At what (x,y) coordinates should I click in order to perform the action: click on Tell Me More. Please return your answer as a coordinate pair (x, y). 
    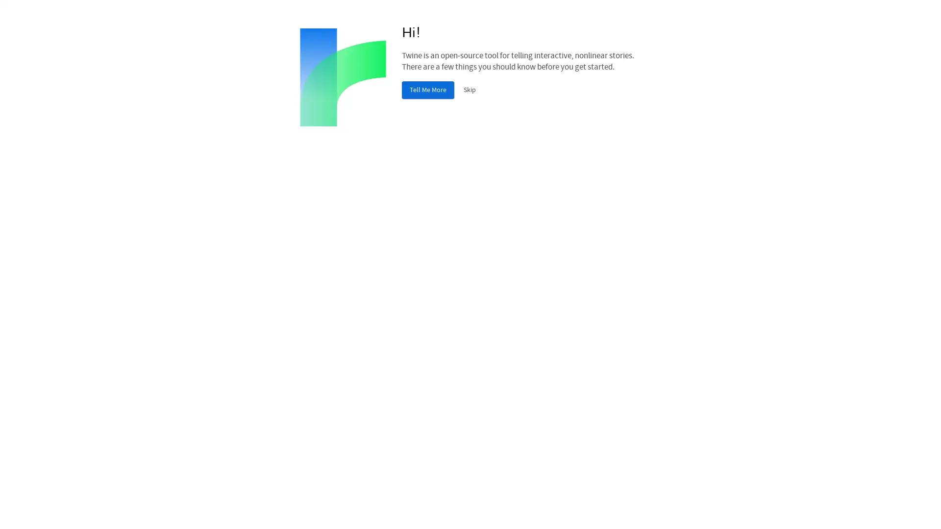
    Looking at the image, I should click on (428, 90).